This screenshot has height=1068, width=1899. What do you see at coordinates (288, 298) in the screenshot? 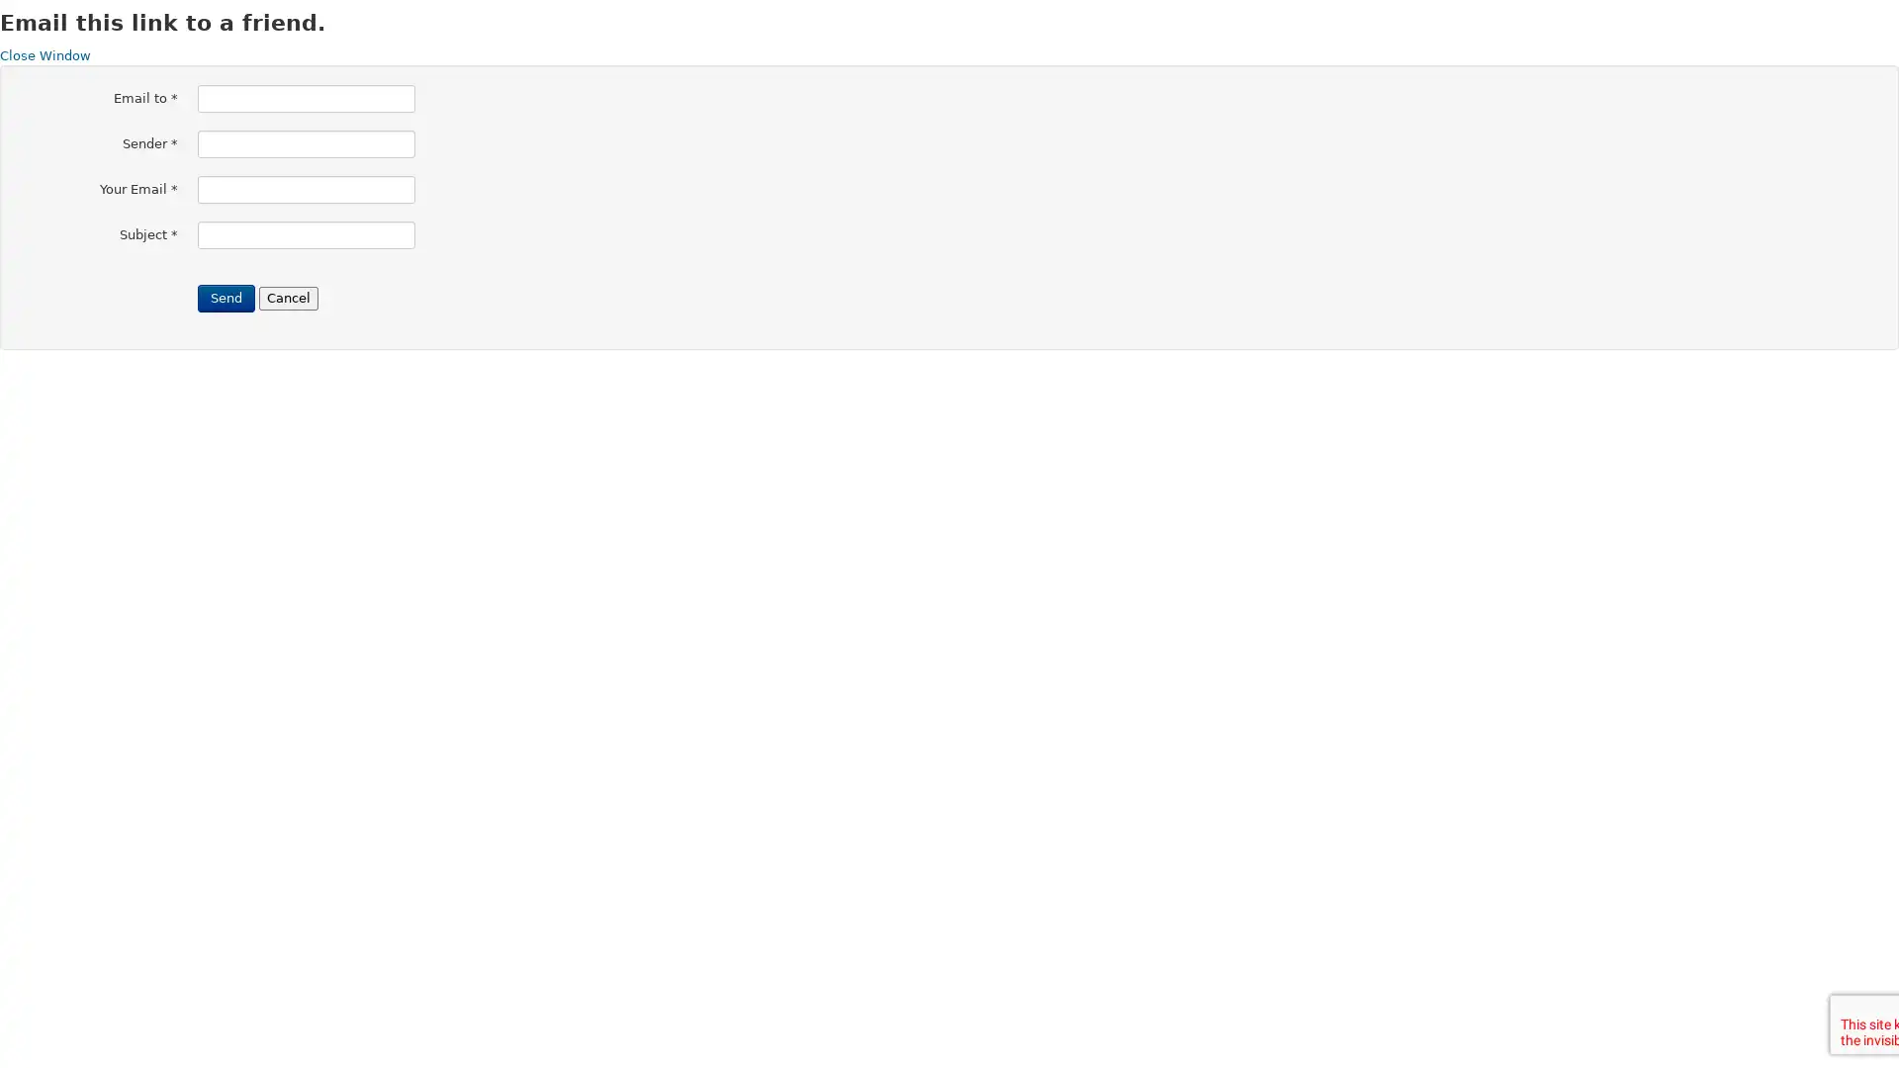
I see `Cancel` at bounding box center [288, 298].